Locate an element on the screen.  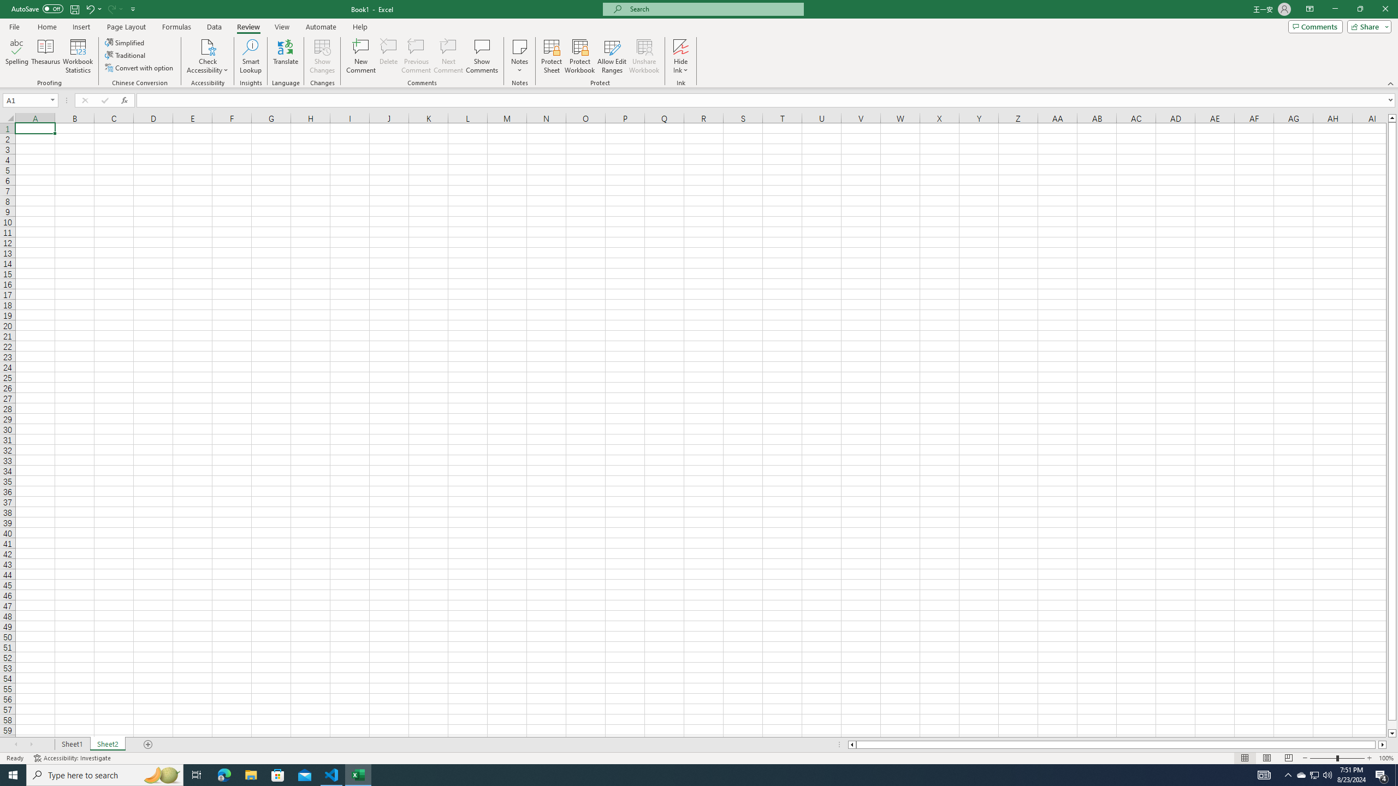
'Check Accessibility' is located at coordinates (207, 46).